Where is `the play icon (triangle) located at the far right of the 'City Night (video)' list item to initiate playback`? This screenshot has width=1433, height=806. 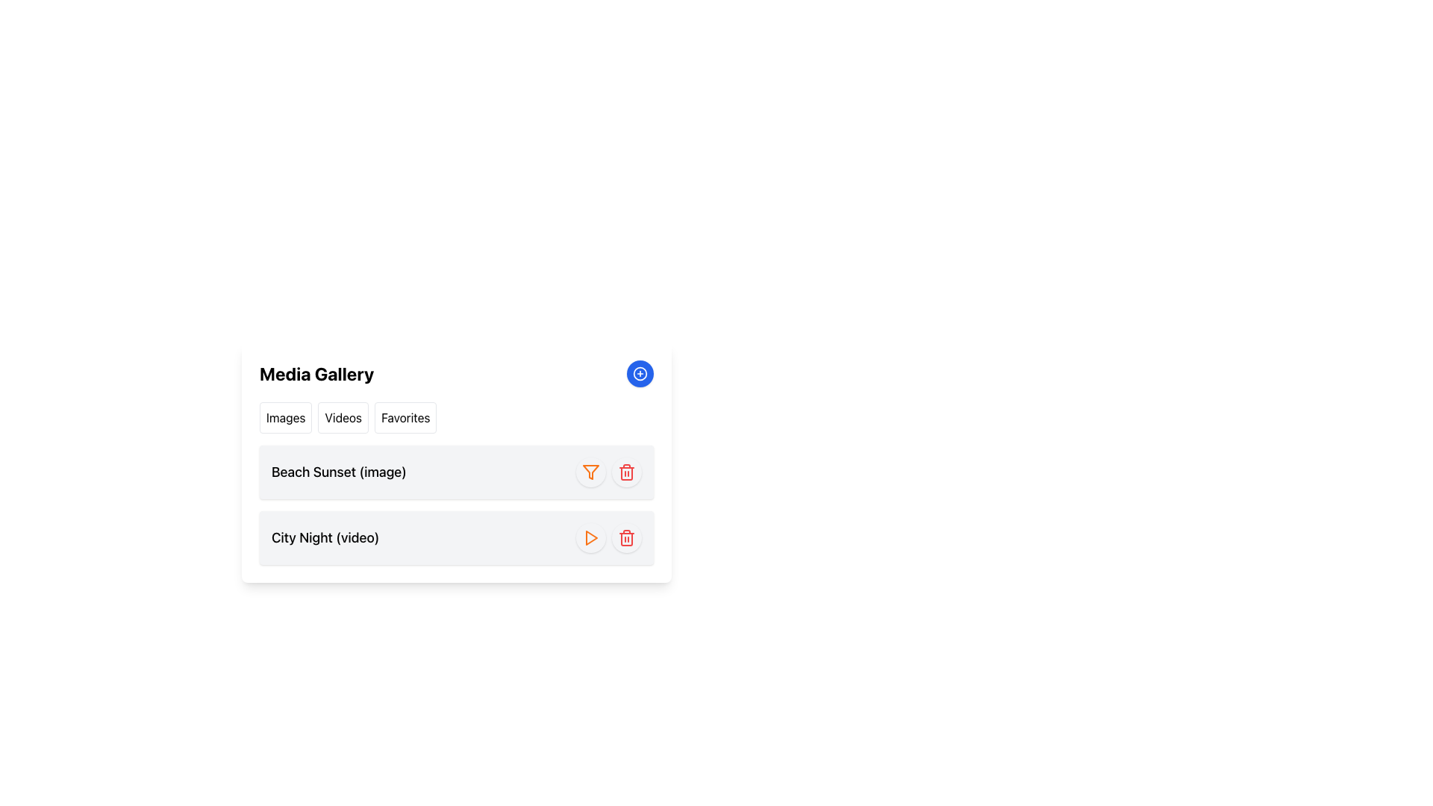
the play icon (triangle) located at the far right of the 'City Night (video)' list item to initiate playback is located at coordinates (590, 538).